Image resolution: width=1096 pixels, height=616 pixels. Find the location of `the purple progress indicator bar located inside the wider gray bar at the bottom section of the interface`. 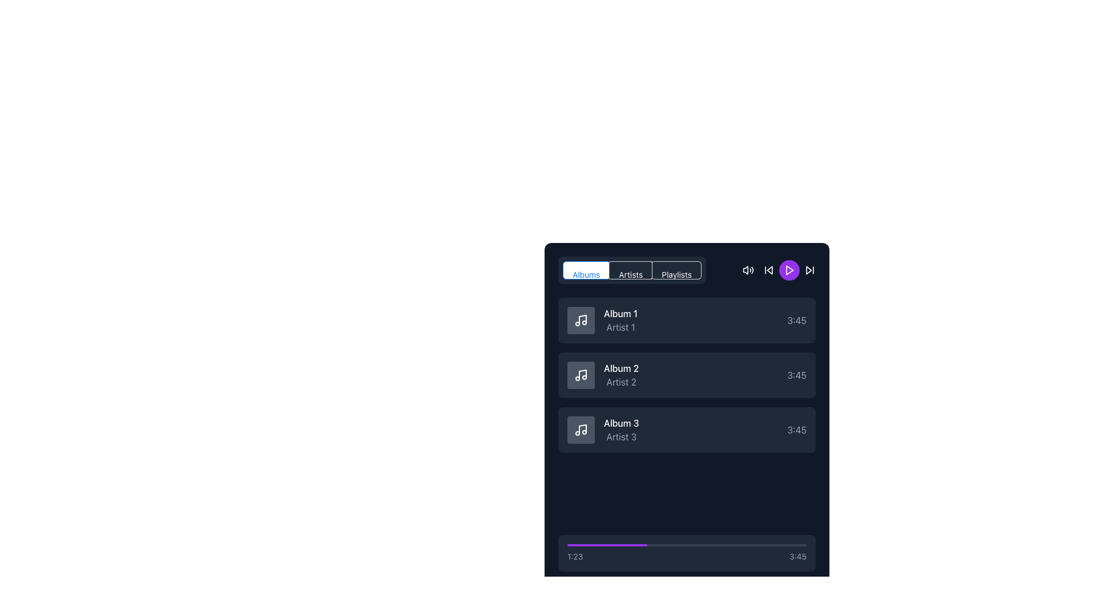

the purple progress indicator bar located inside the wider gray bar at the bottom section of the interface is located at coordinates (606, 545).